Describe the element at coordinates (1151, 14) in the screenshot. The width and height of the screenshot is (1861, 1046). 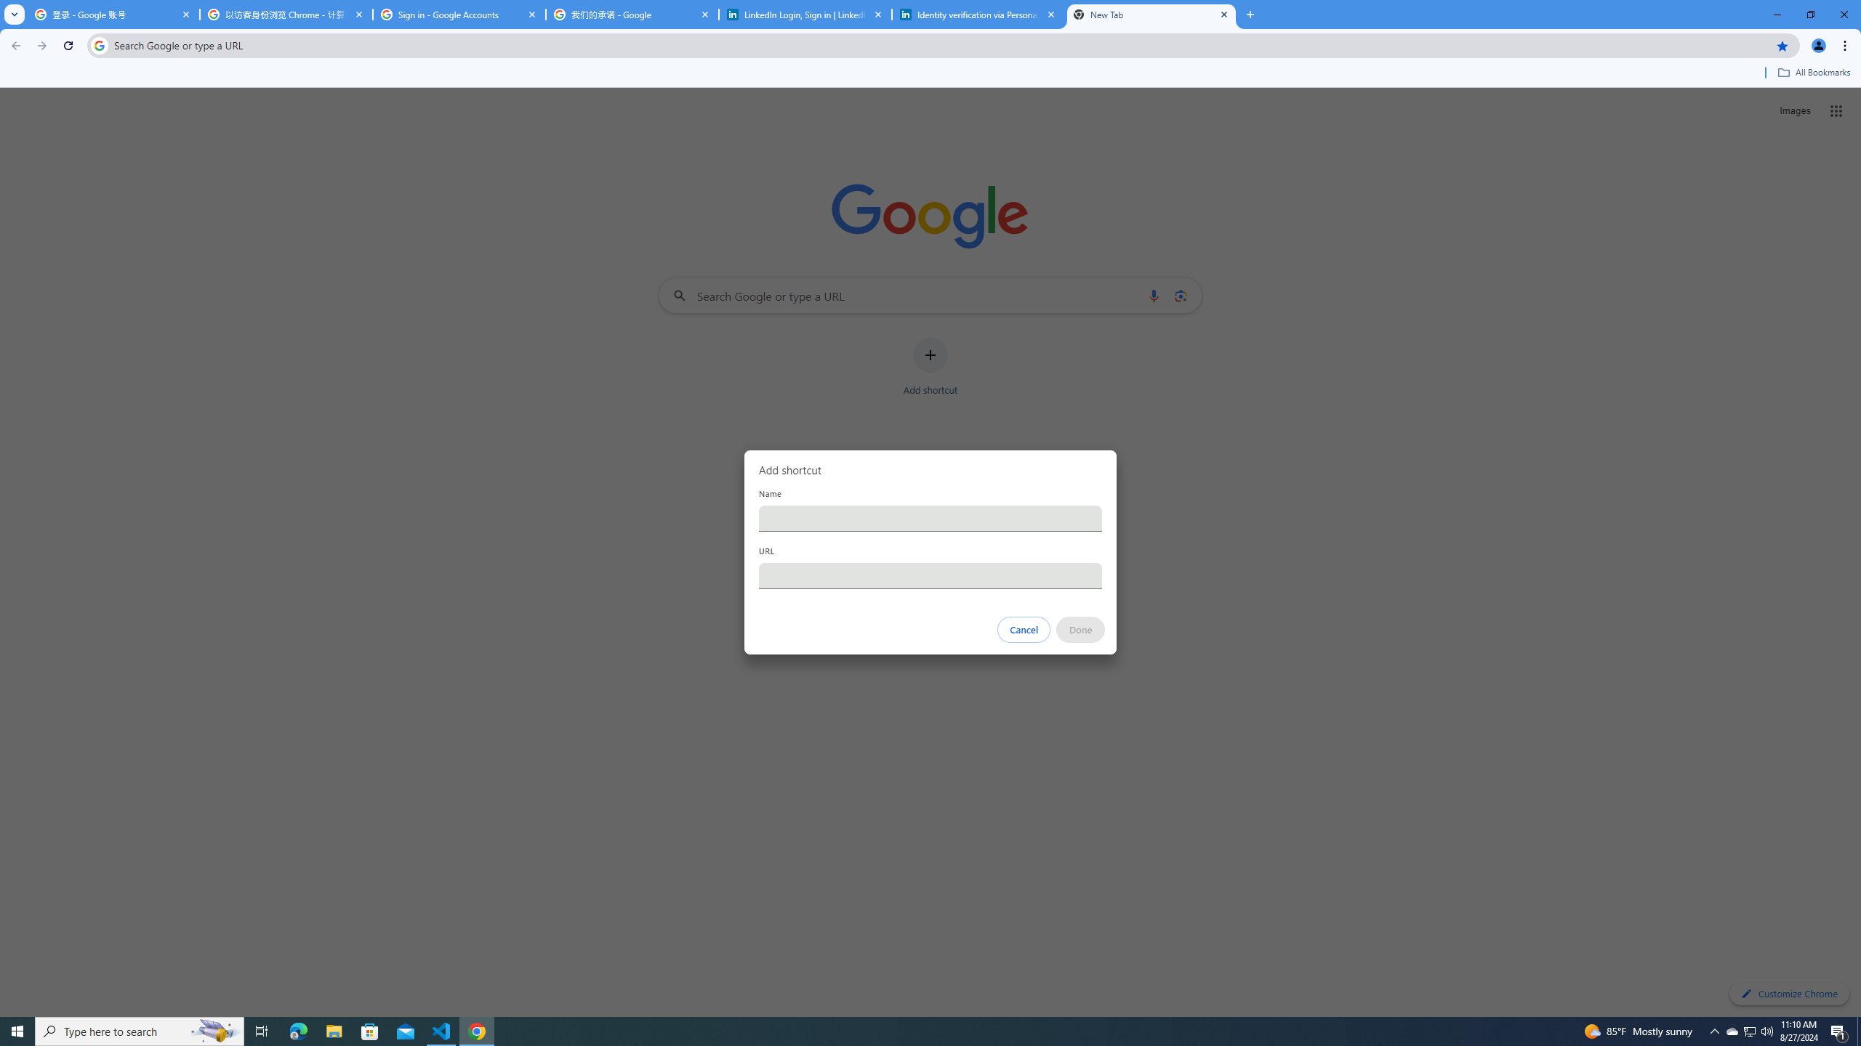
I see `'New Tab'` at that location.